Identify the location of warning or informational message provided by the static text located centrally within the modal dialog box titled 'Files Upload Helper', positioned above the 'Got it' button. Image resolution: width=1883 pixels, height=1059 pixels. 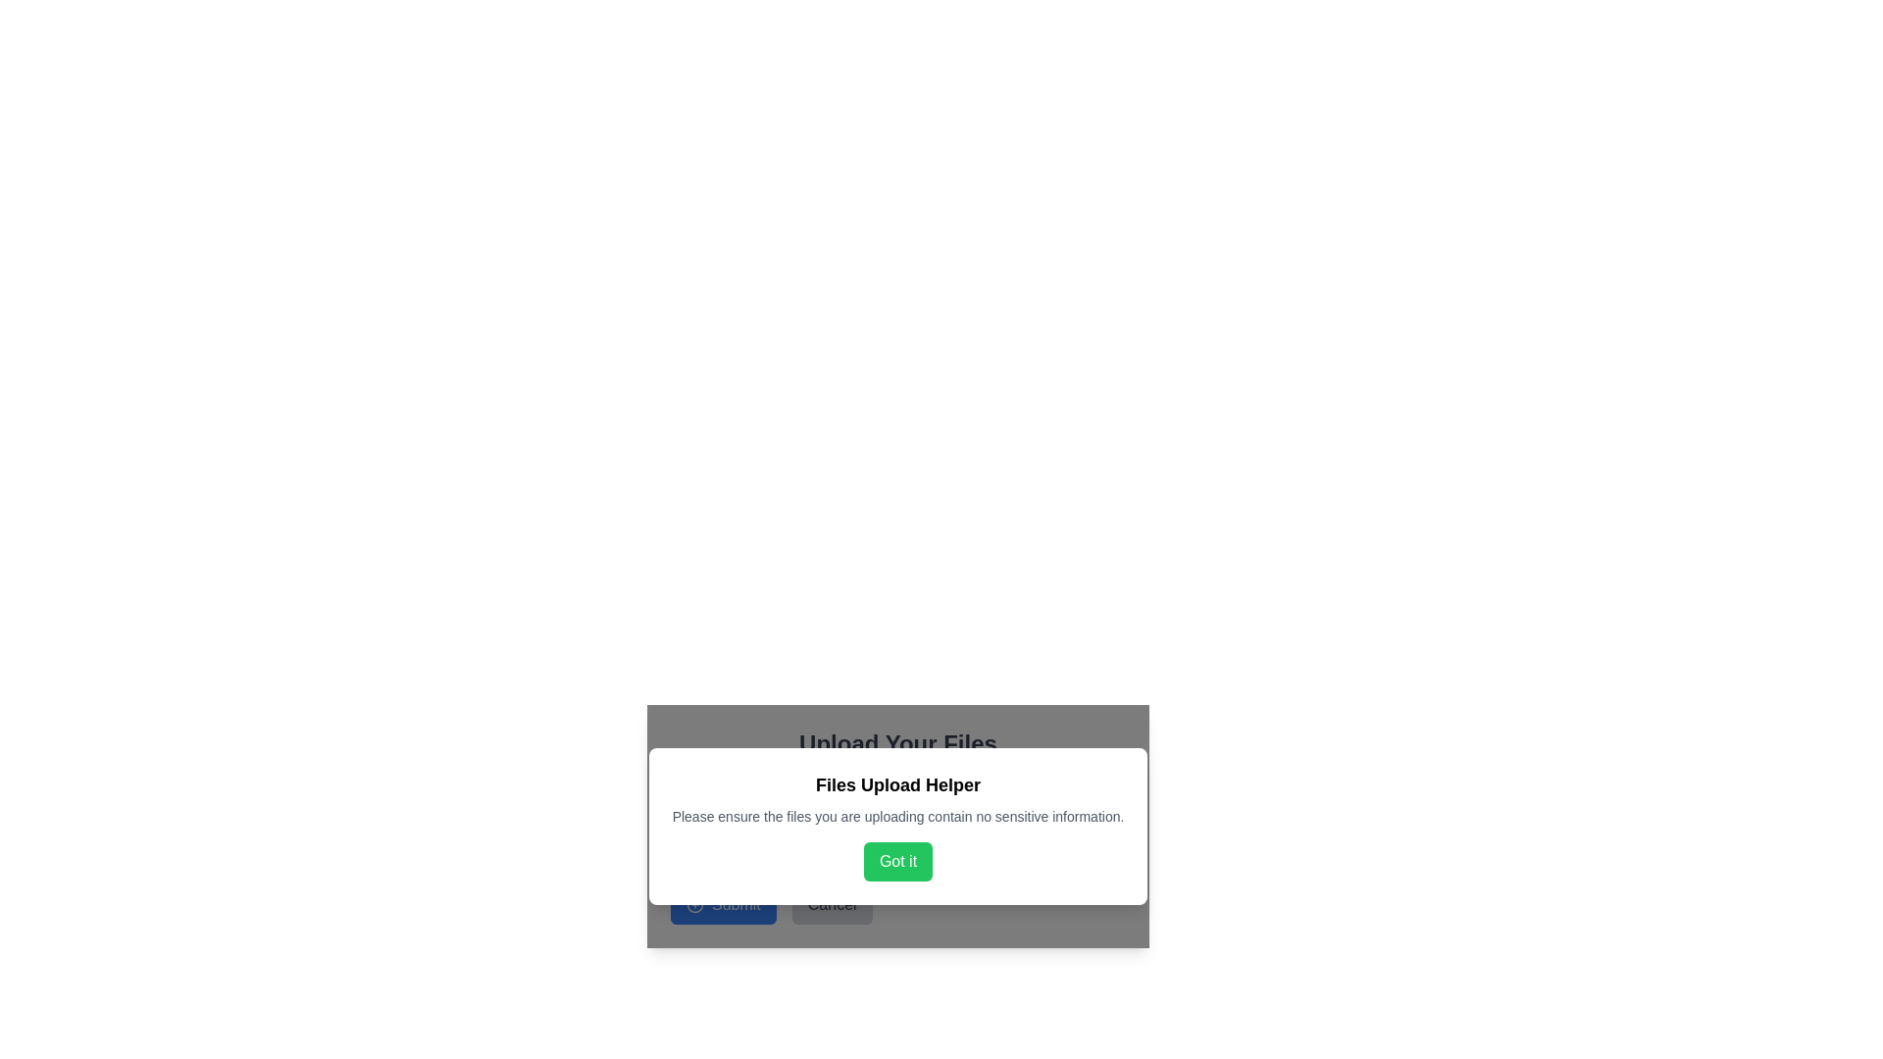
(897, 817).